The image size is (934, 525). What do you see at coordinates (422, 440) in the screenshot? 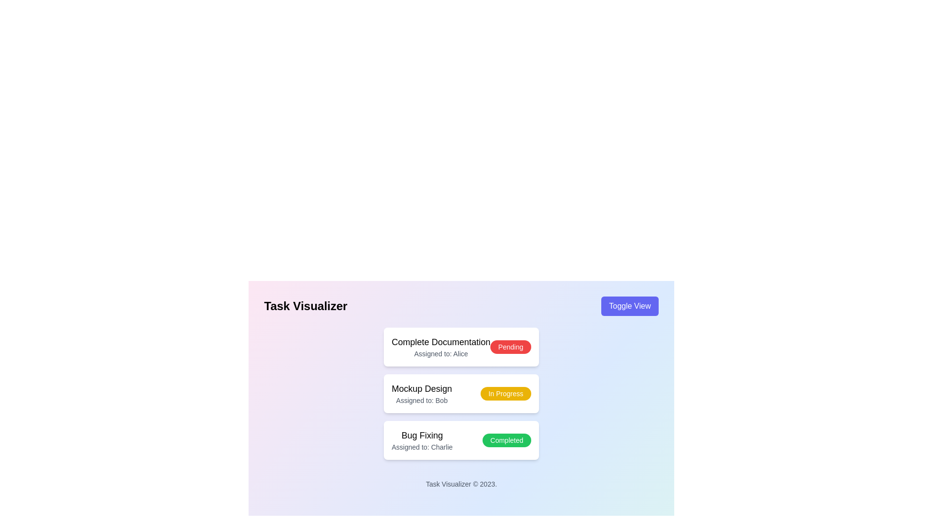
I see `the non-interactive text block displaying the task title 'Bug Fixing' and assigned user 'Charlie' within the third card of the task cards` at bounding box center [422, 440].